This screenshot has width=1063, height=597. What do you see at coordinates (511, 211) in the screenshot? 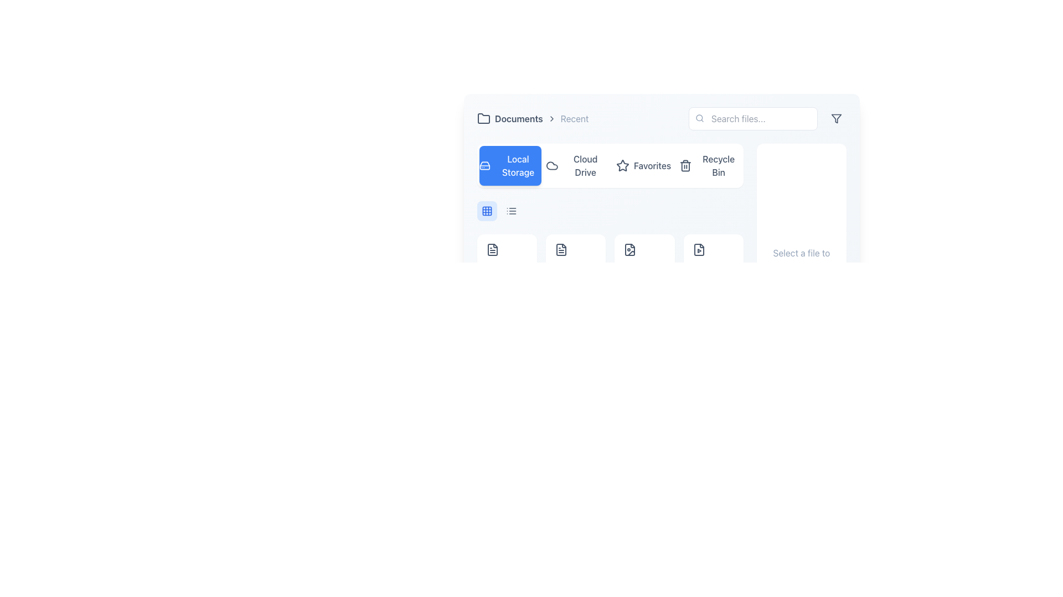
I see `the second button from the right, which toggles the list view display in the interface, to switch the layout of the displayed content to a list format` at bounding box center [511, 211].